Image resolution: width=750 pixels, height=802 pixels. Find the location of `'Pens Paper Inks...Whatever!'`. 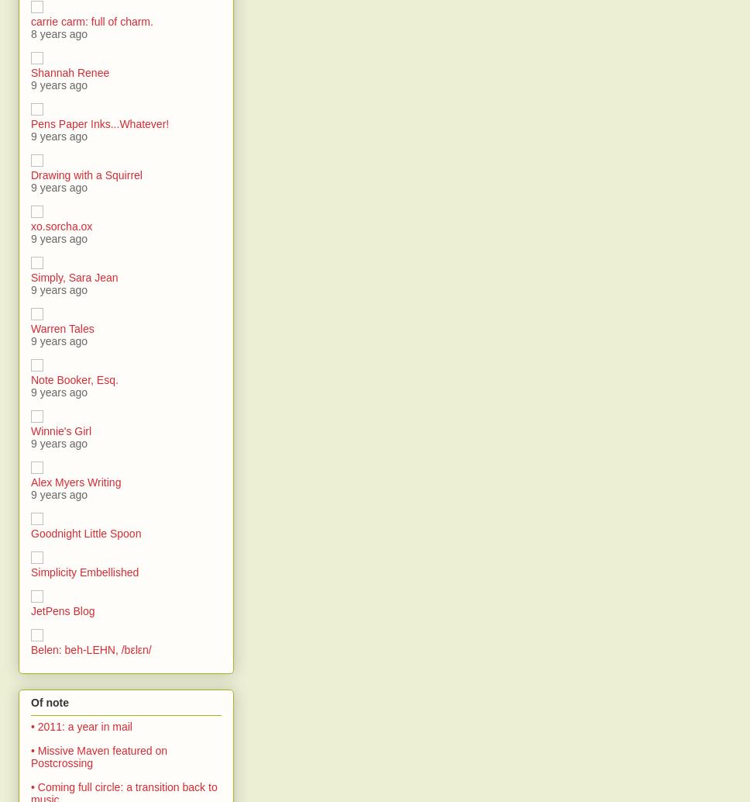

'Pens Paper Inks...Whatever!' is located at coordinates (99, 123).